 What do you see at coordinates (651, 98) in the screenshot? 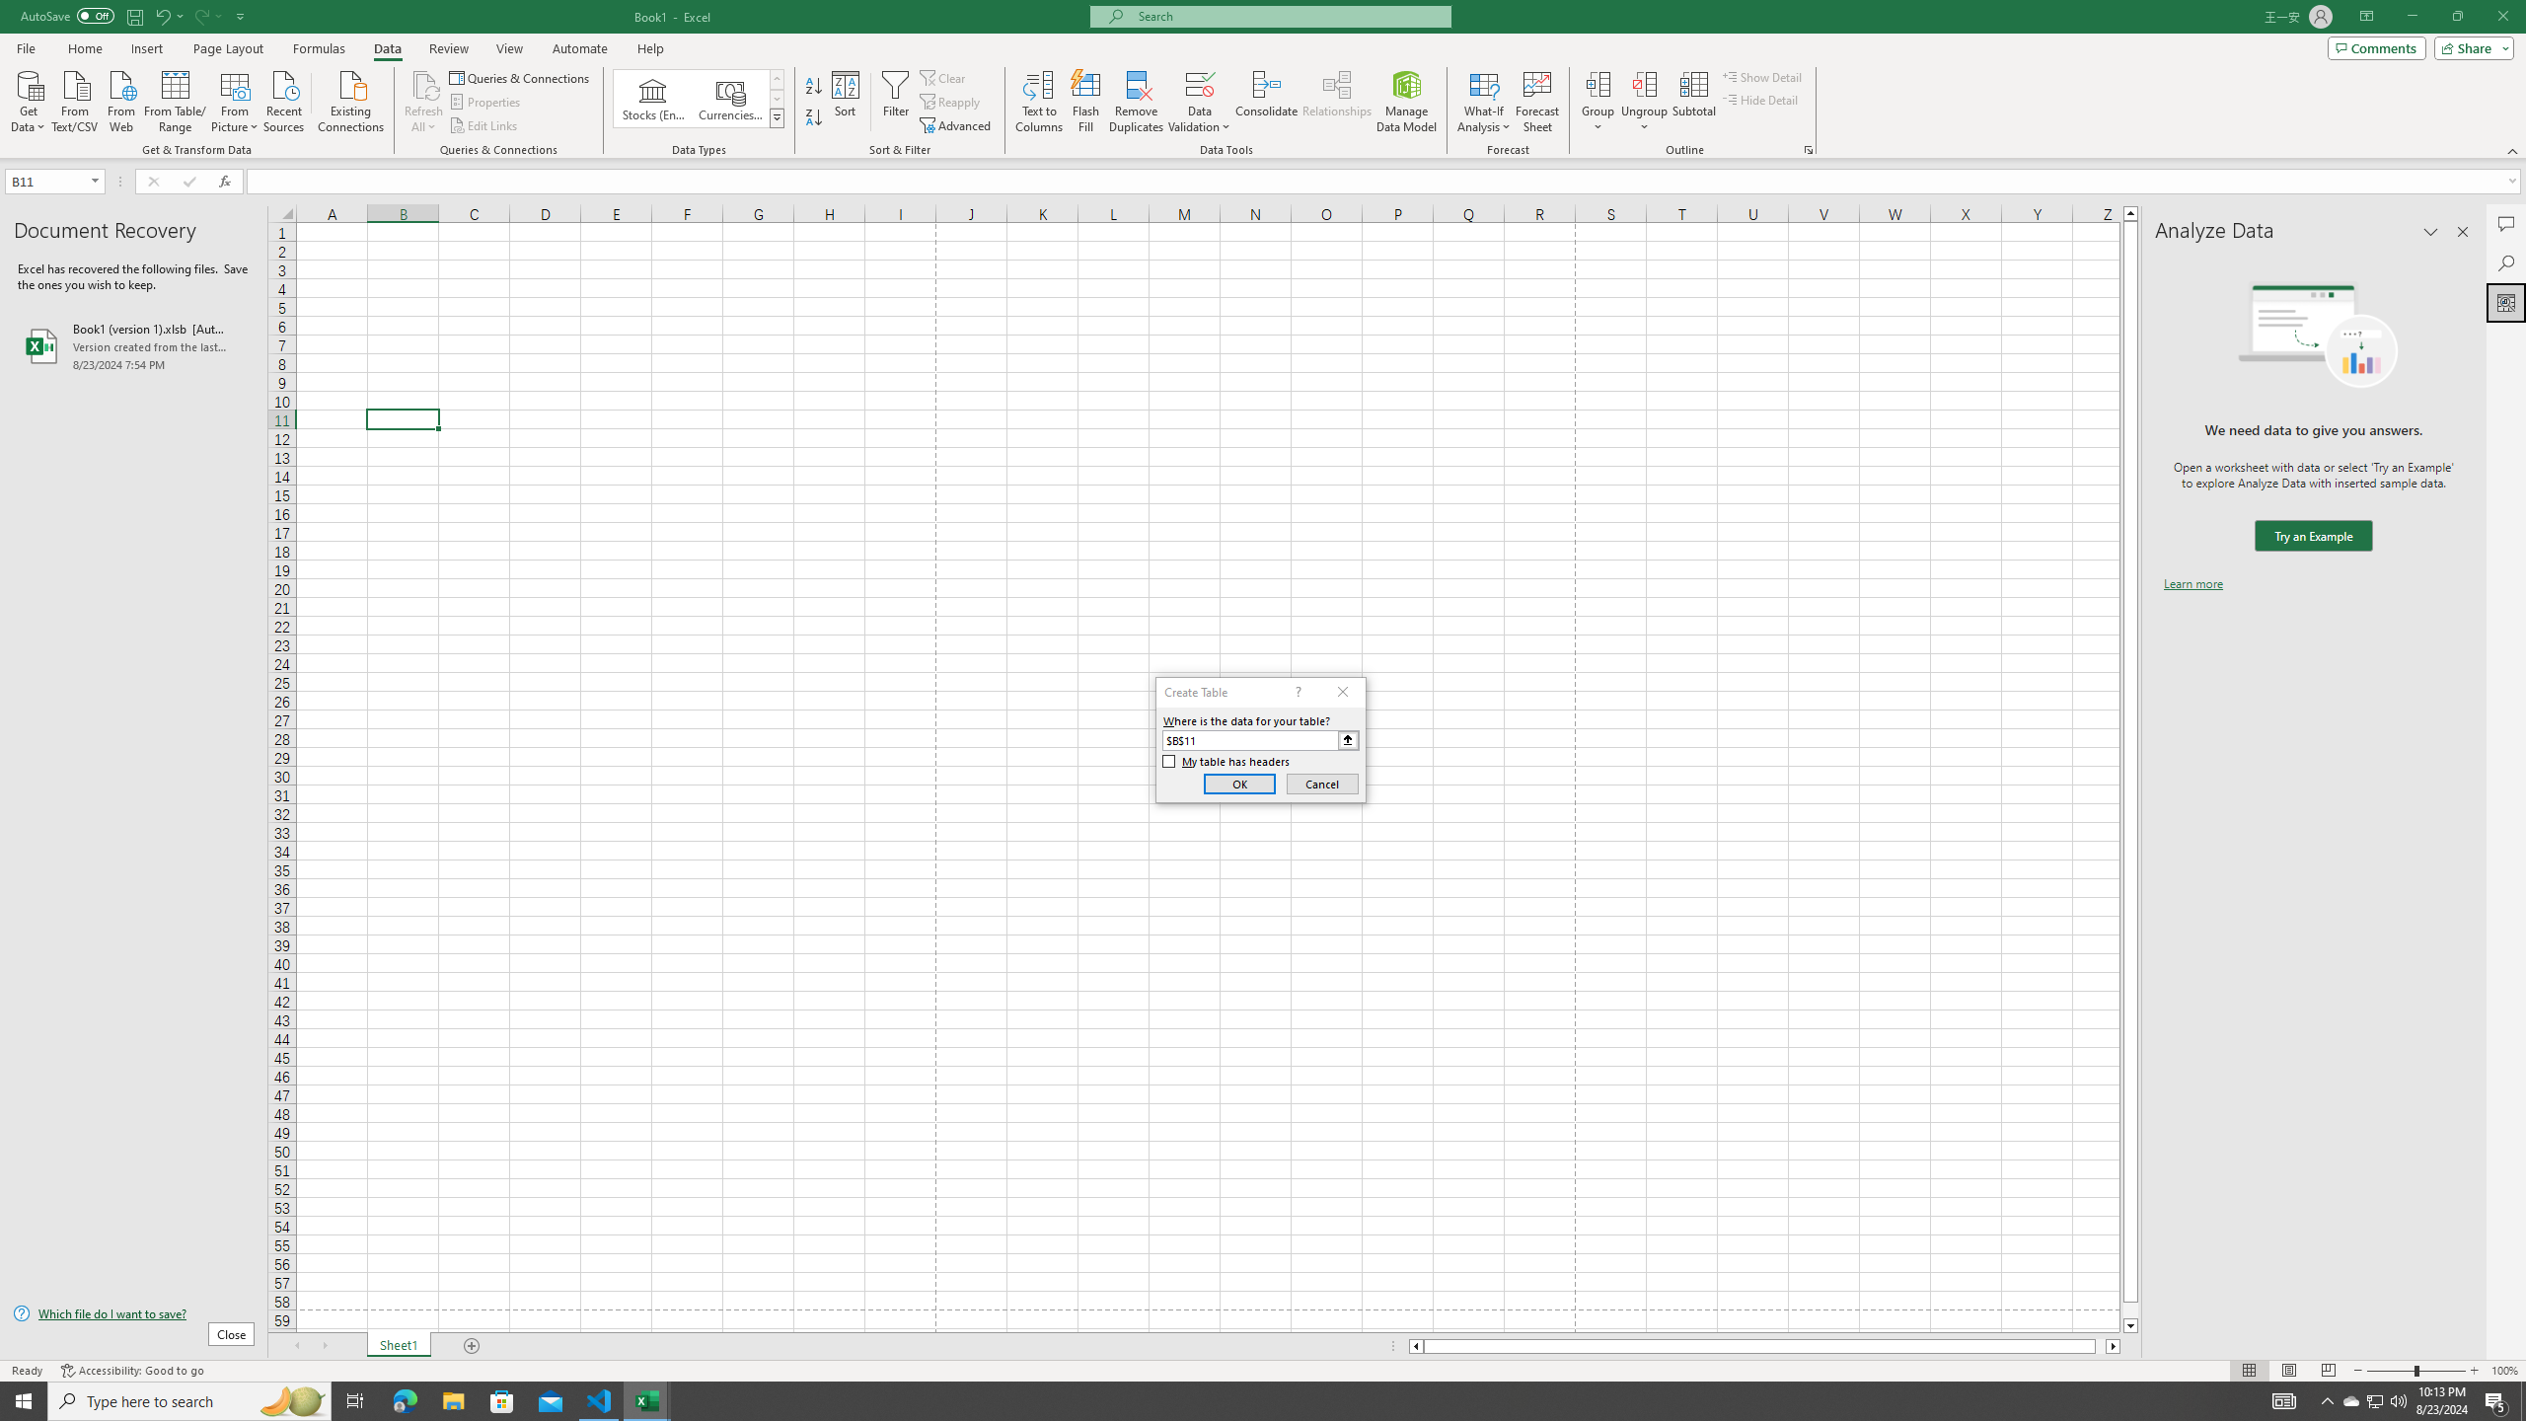
I see `'Stocks (English)'` at bounding box center [651, 98].